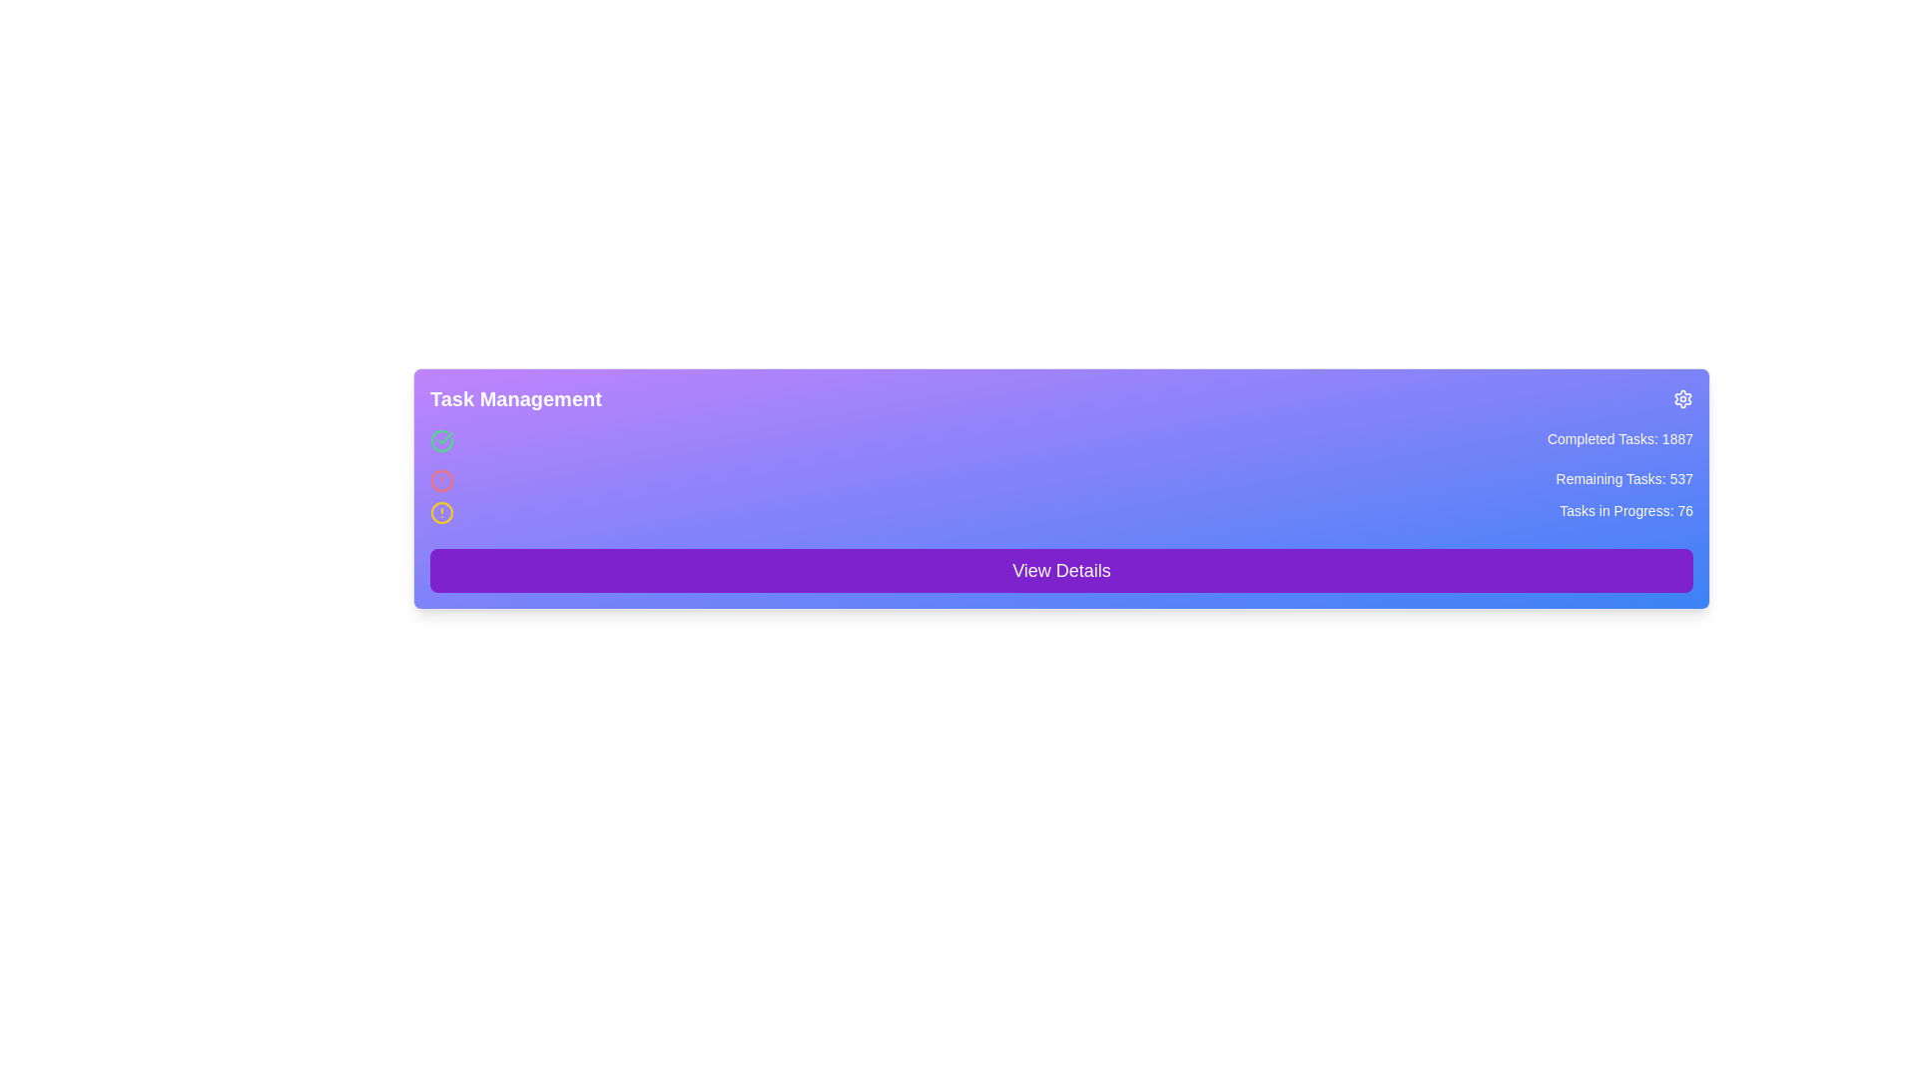 The height and width of the screenshot is (1078, 1917). What do you see at coordinates (440, 440) in the screenshot?
I see `the status indicator icon located in the top-left region of the 'Task Management' panel, which visually indicates the status of completed tasks and is positioned to the left of the text 'Completed Tasks: 1887'` at bounding box center [440, 440].